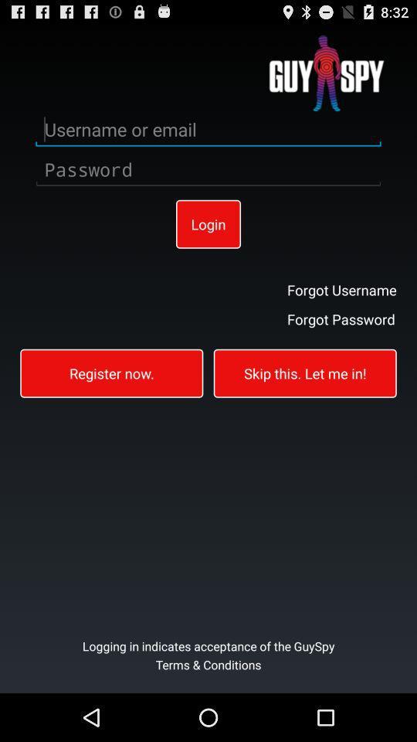  I want to click on the button to the right of register now. icon, so click(305, 372).